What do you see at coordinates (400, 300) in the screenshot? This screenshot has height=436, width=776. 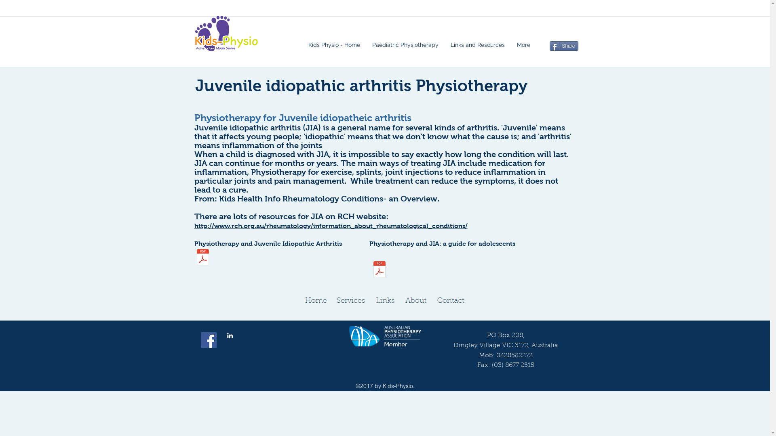 I see `'About Kids-Physio'` at bounding box center [400, 300].